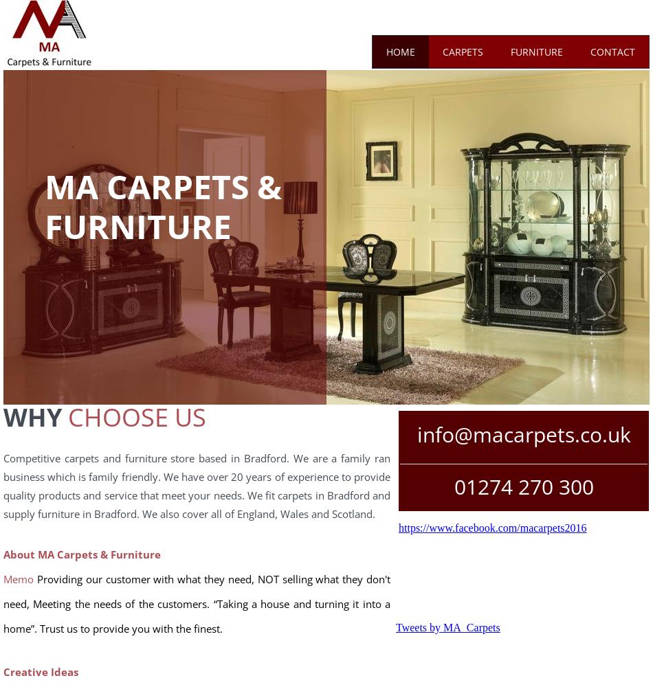 This screenshot has width=653, height=687. Describe the element at coordinates (535, 50) in the screenshot. I see `'Furniture'` at that location.